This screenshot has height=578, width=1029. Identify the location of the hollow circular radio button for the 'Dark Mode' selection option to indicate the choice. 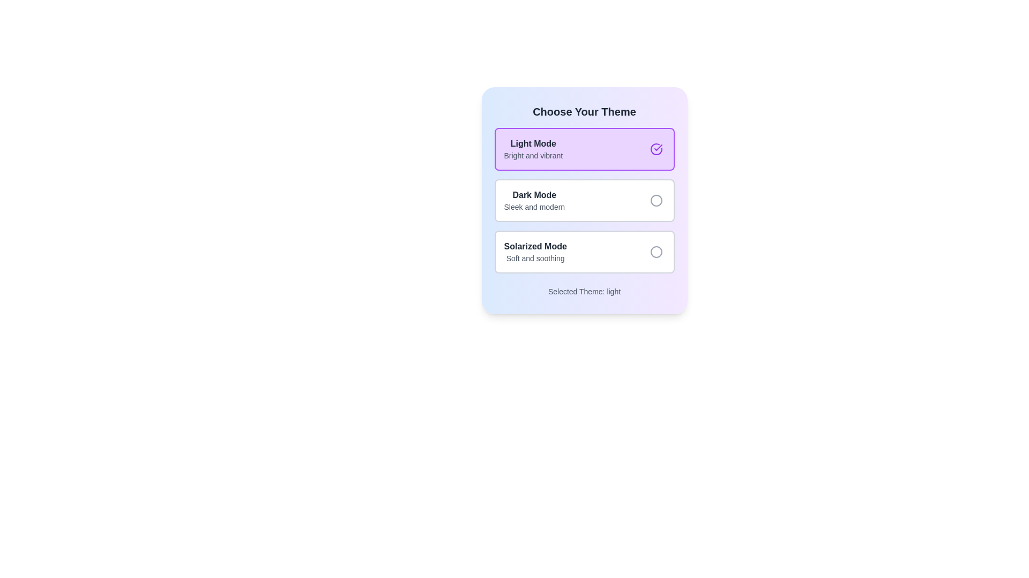
(655, 200).